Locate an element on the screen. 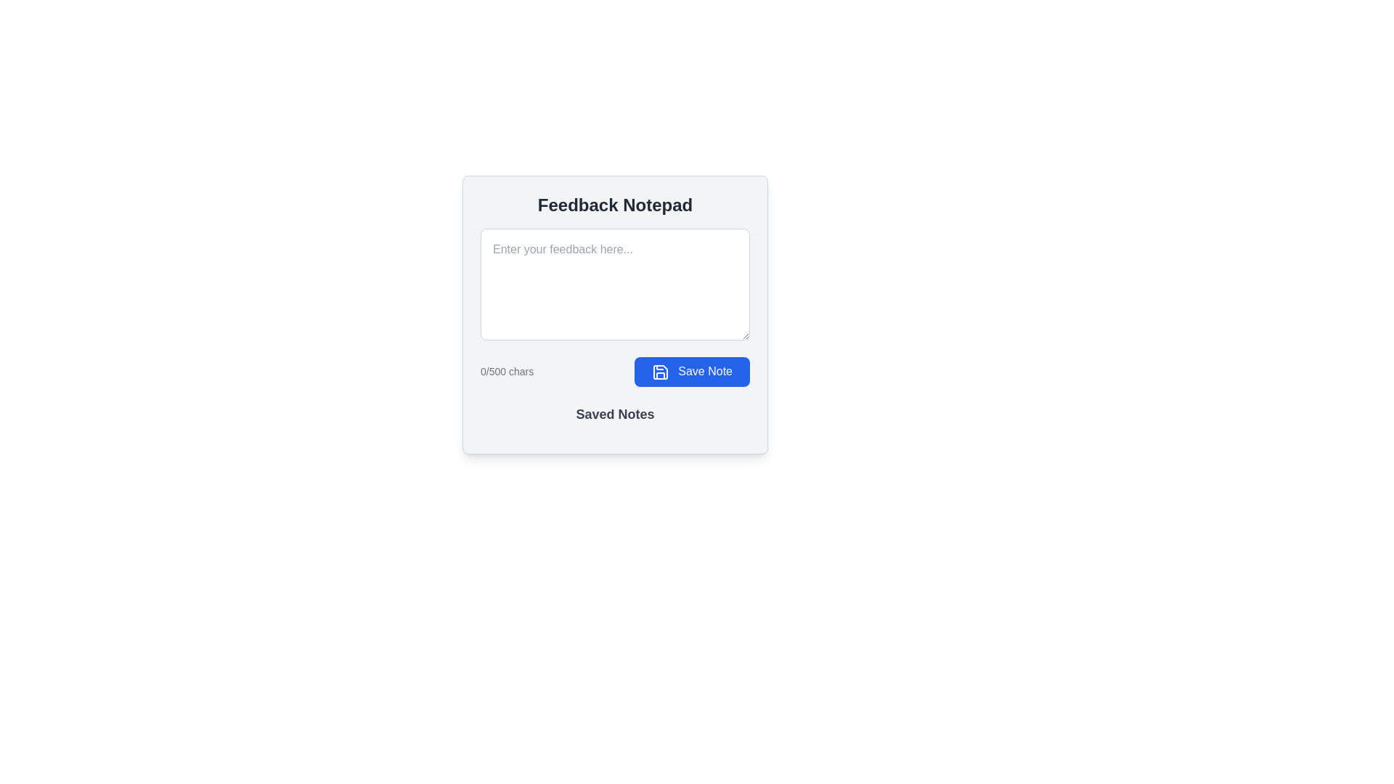 This screenshot has height=784, width=1394. the floppy disk icon on the left side of the 'Save Note' button is located at coordinates (659, 371).